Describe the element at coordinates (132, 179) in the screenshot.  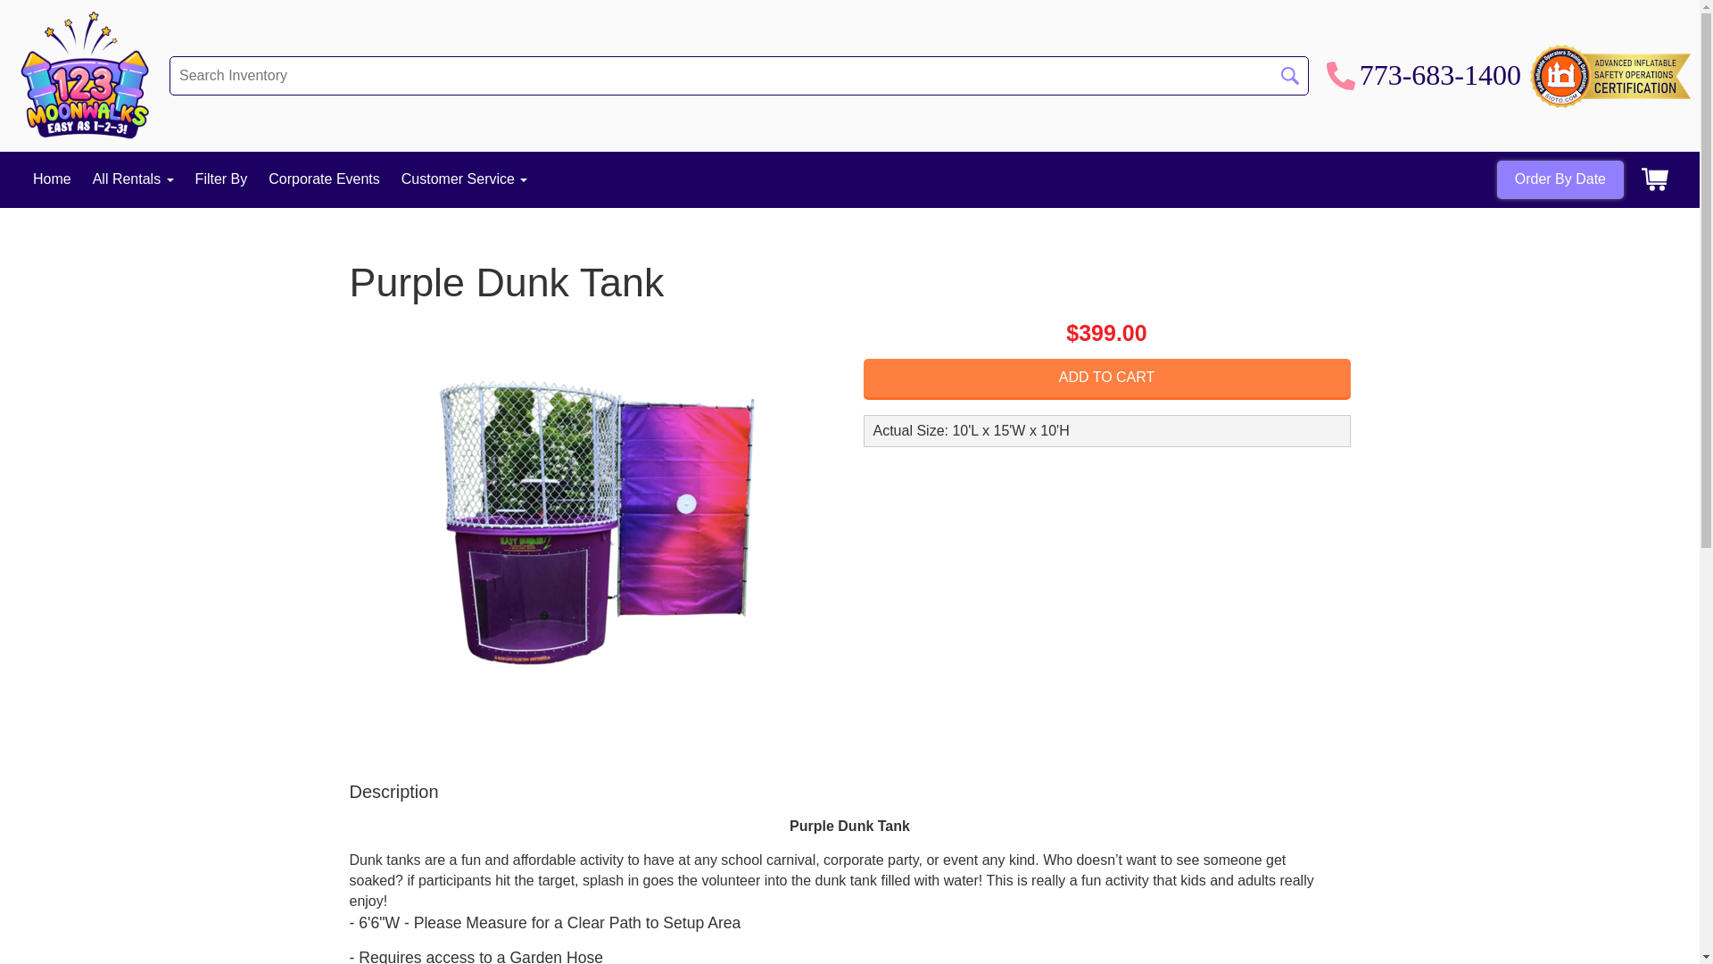
I see `'All Rentals'` at that location.